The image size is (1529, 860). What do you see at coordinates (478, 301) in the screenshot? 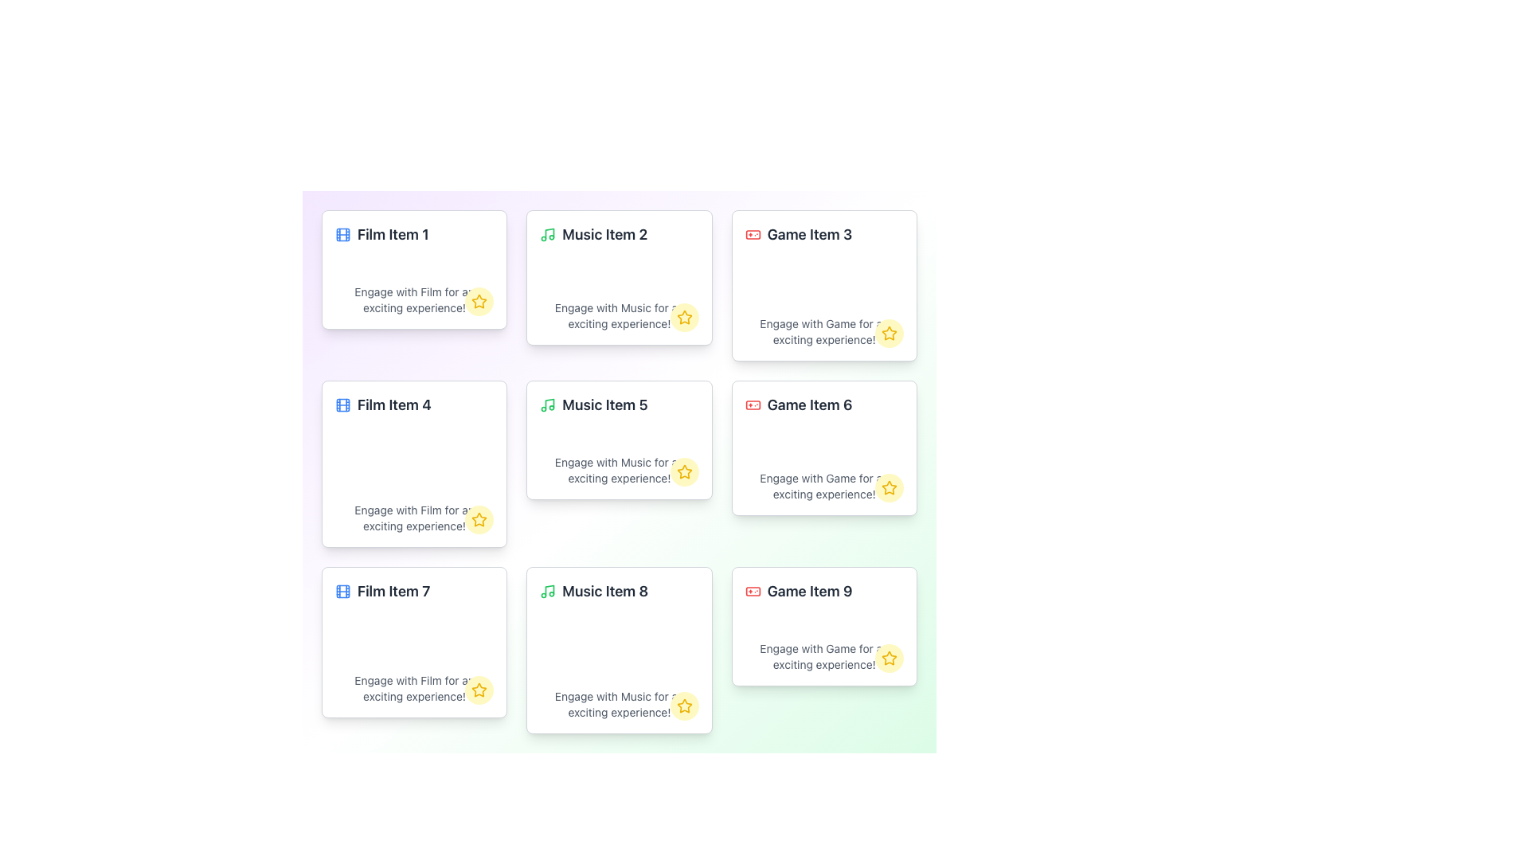
I see `the star-shaped icon button with a yellow outline and white background located at the bottom-right corner of the 'Film Item 1' card` at bounding box center [478, 301].